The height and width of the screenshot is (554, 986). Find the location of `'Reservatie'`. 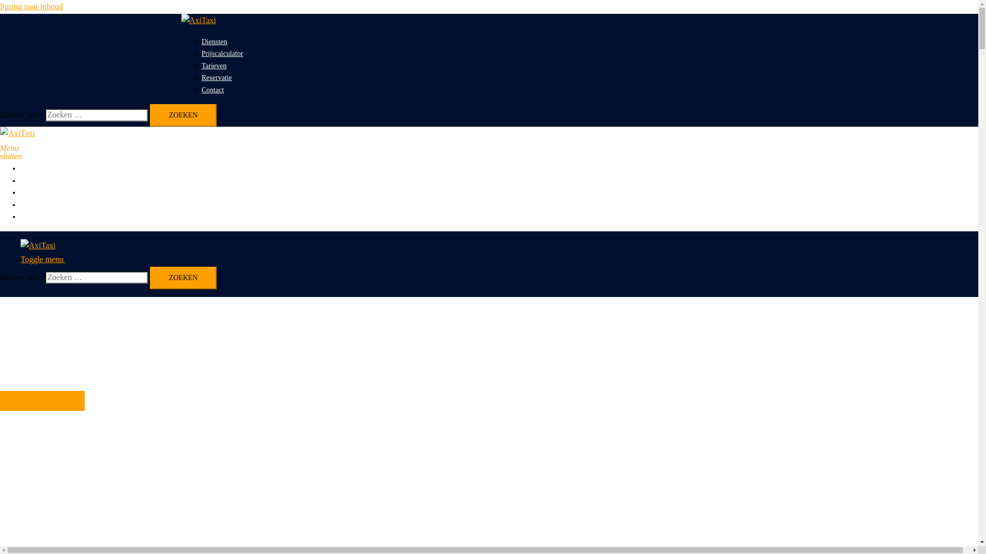

'Reservatie' is located at coordinates (216, 77).